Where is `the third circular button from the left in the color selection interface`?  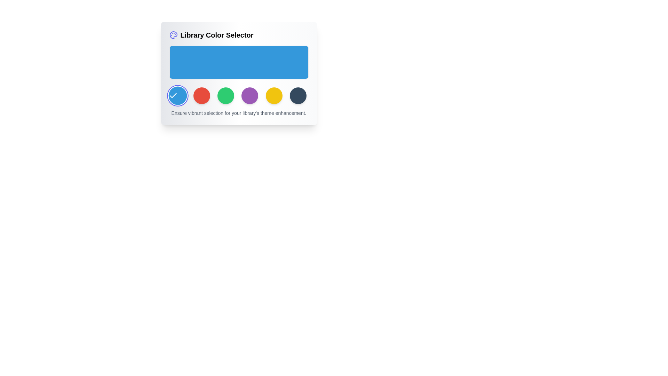
the third circular button from the left in the color selection interface is located at coordinates (226, 95).